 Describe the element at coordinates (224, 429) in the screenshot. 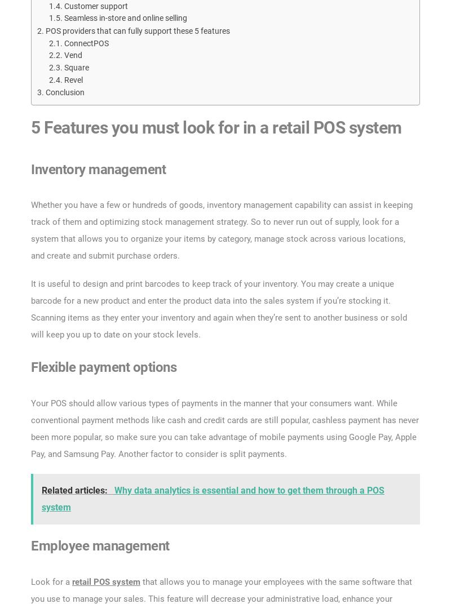

I see `'Your POS should allow various types of payments in the manner that your consumers want. While conventional payment methods like cash and credit cards are still popular, cashless payment has never been more popular, so make sure you can take advantage of mobile payments using Google Pay, Apple Pay, and Samsung Pay. Another factor to consider is split payments.'` at that location.